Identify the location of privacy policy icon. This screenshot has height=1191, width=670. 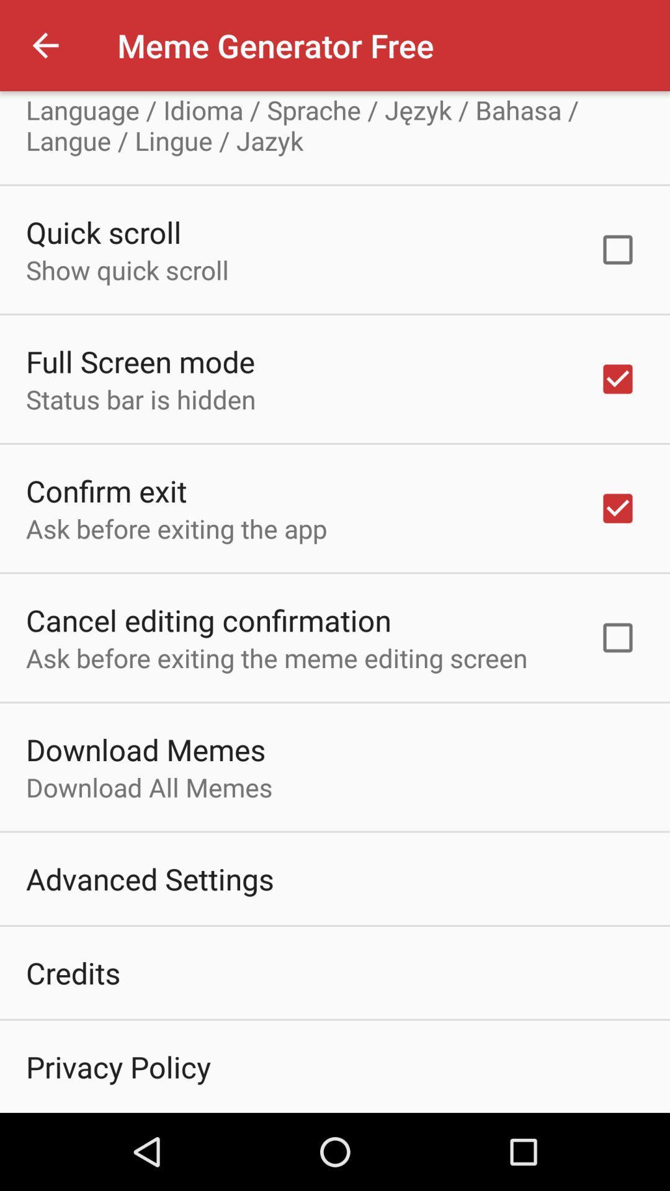
(118, 1066).